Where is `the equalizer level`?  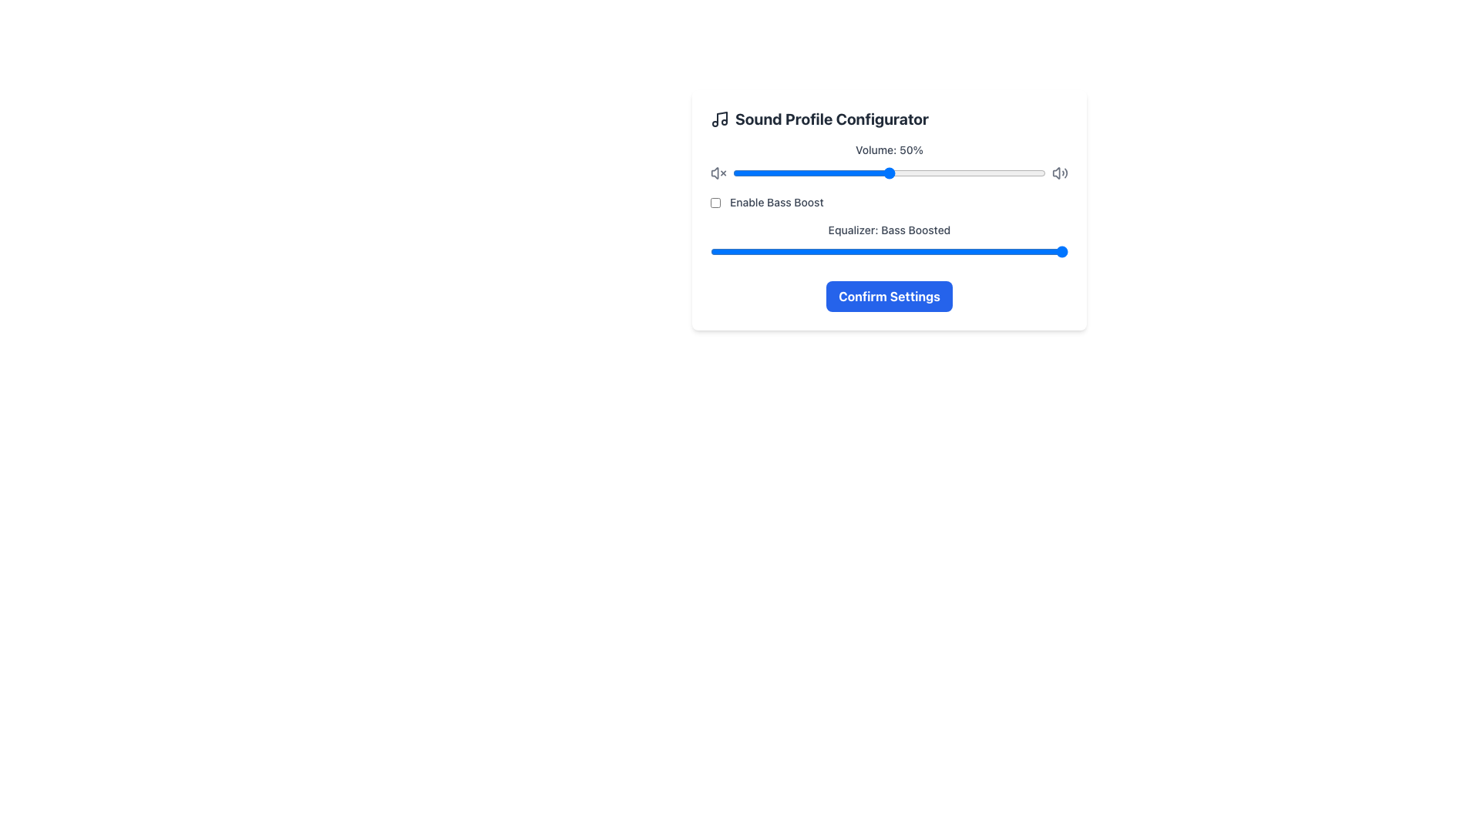 the equalizer level is located at coordinates (948, 251).